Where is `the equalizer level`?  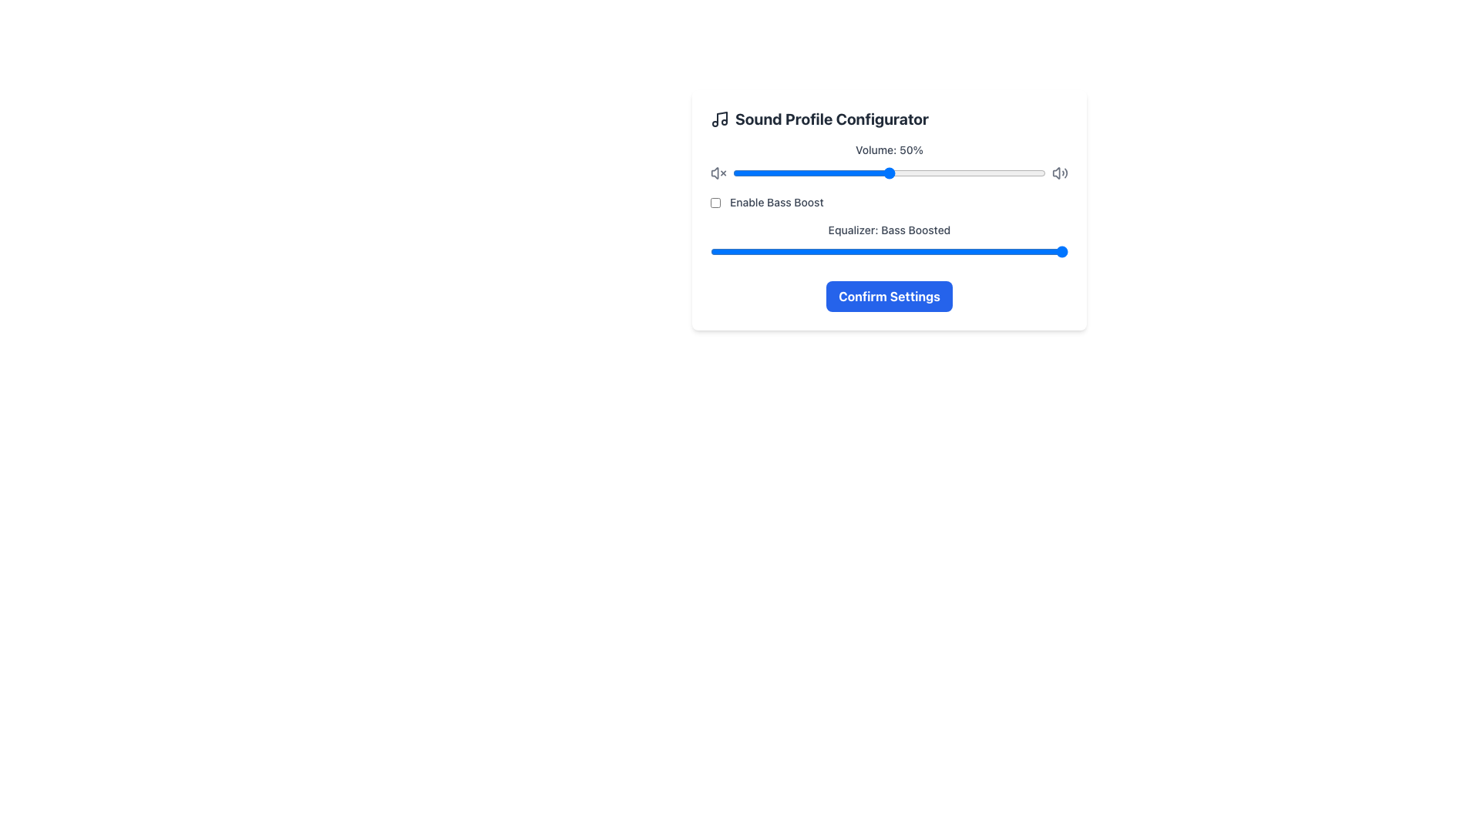 the equalizer level is located at coordinates (948, 251).